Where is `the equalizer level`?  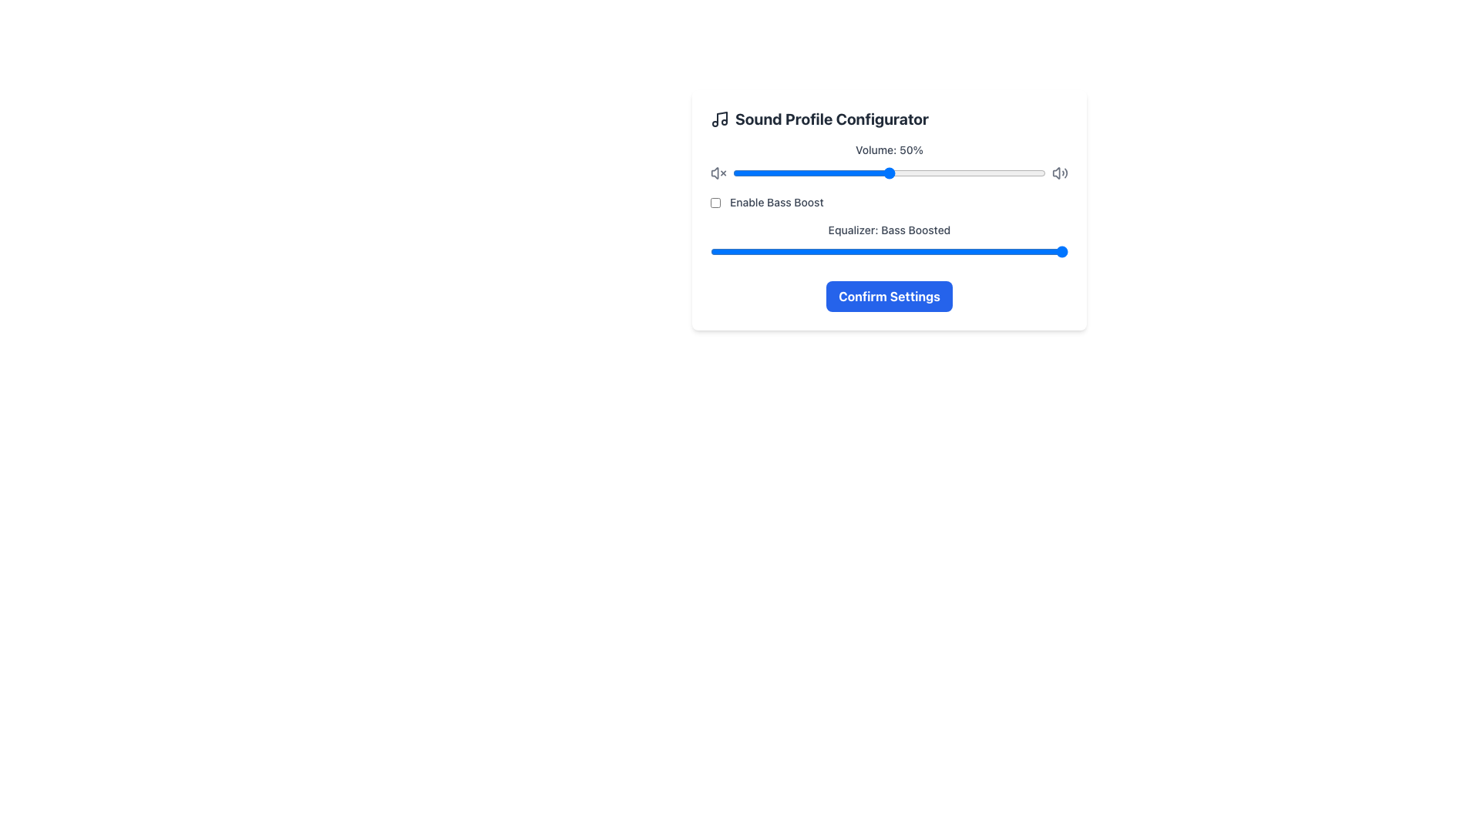 the equalizer level is located at coordinates (948, 251).